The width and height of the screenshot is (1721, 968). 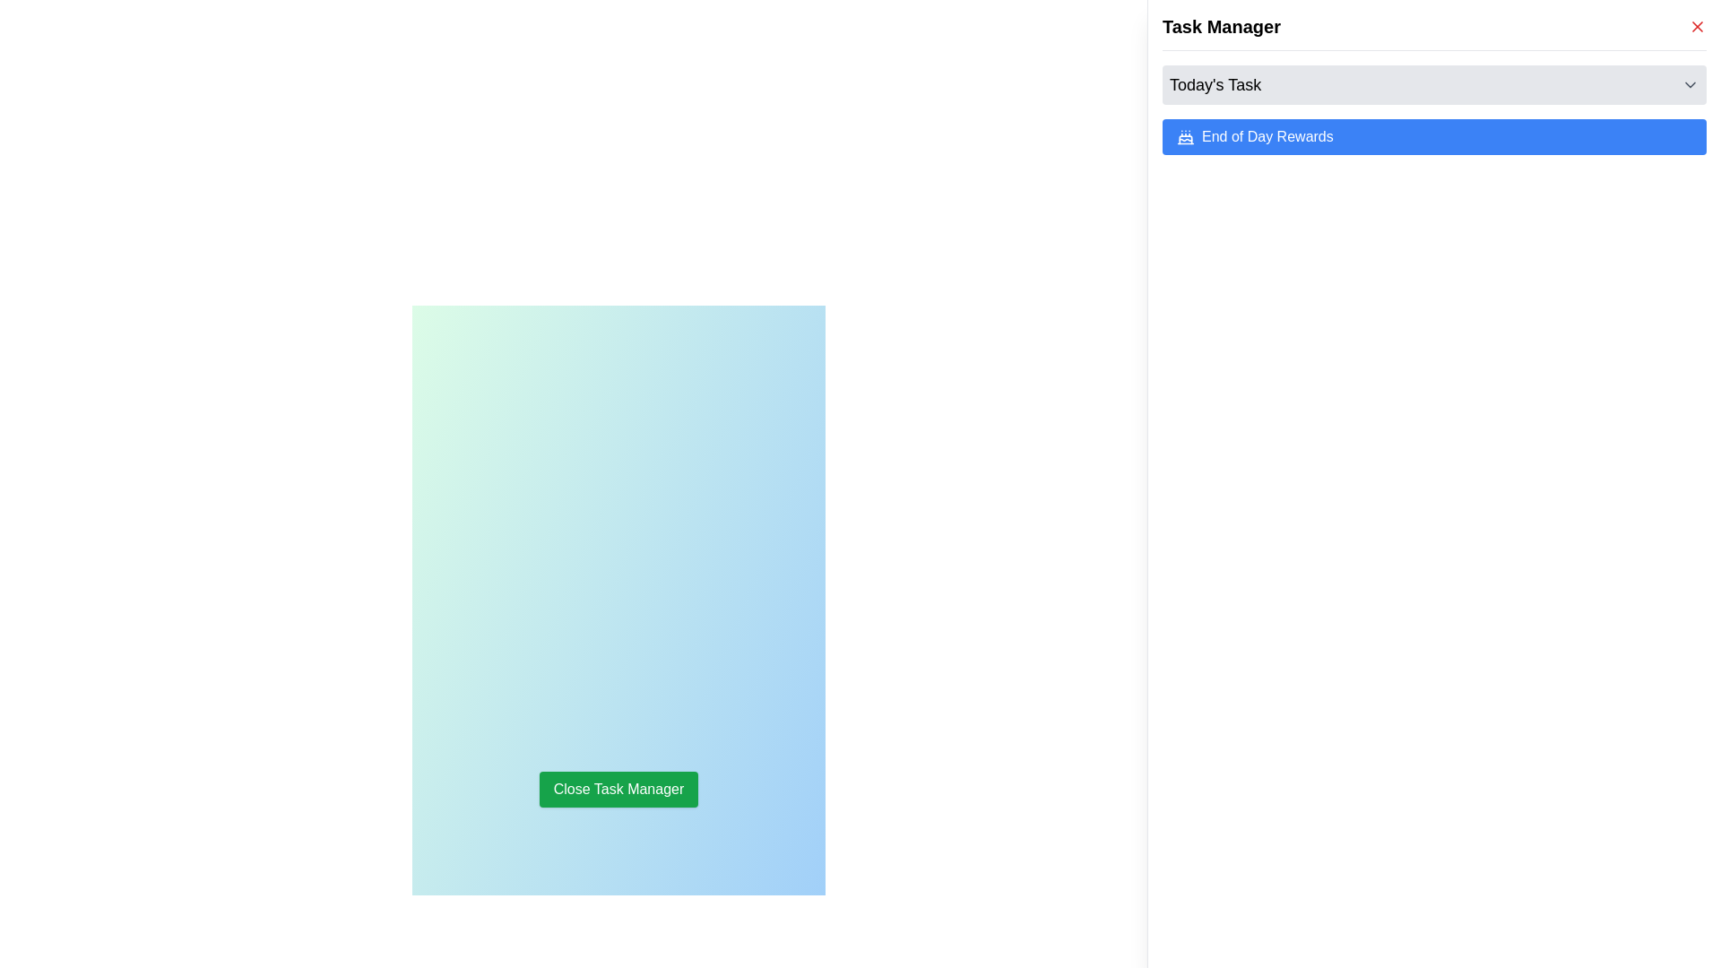 What do you see at coordinates (1215, 85) in the screenshot?
I see `the text label displaying 'Today's Task' located at the top section of the 'Task Manager' panel` at bounding box center [1215, 85].